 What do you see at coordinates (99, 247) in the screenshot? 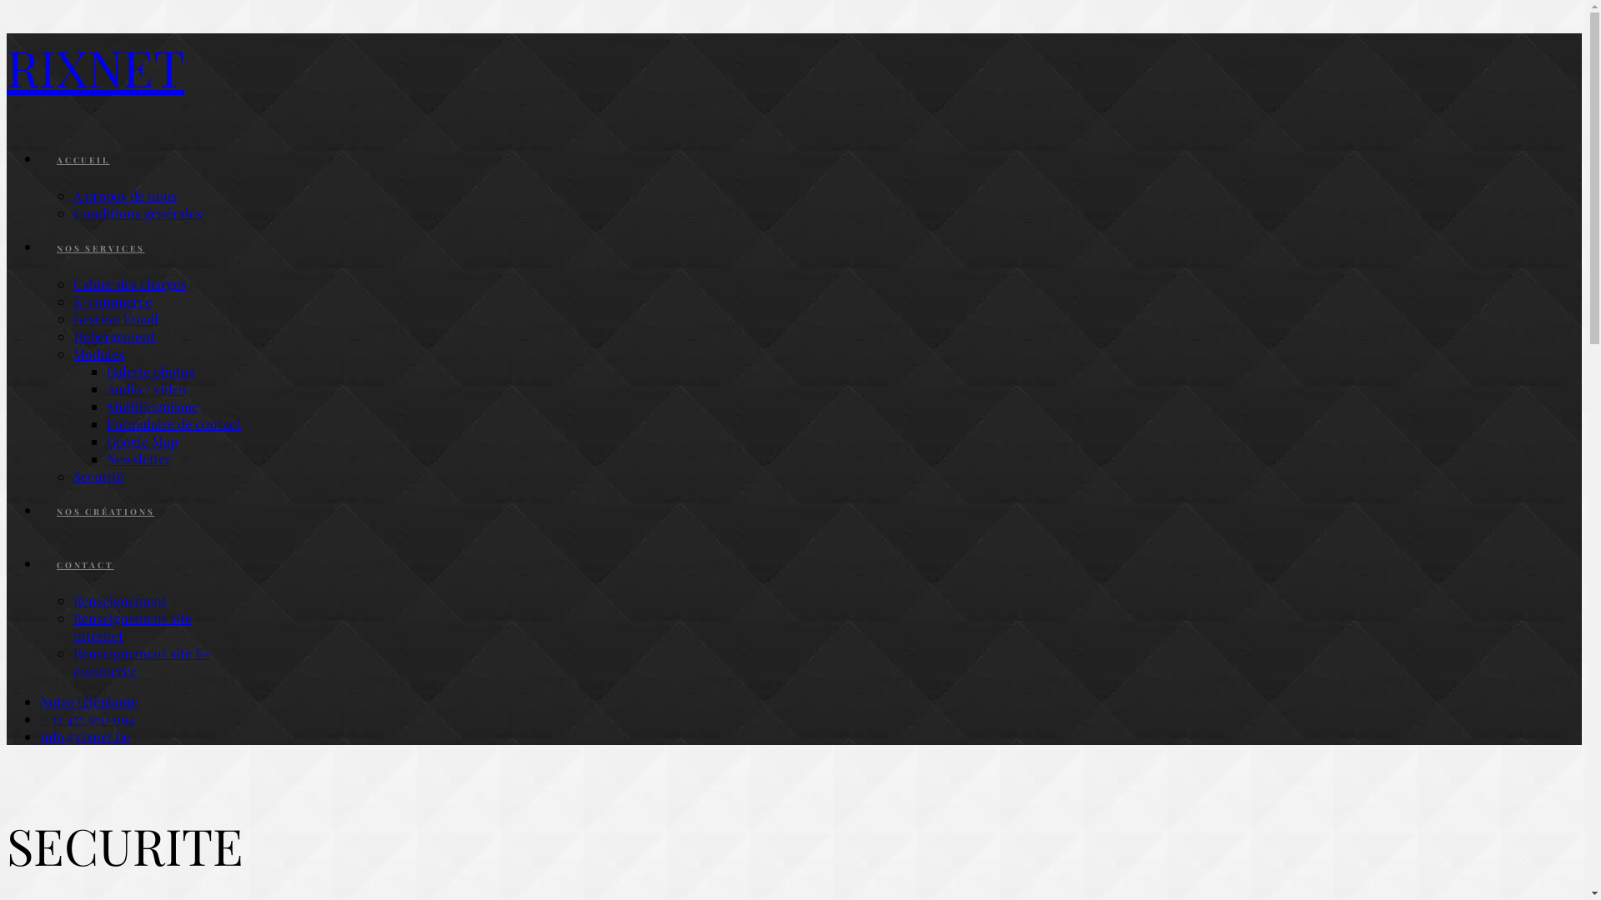
I see `'NOS SERVICES'` at bounding box center [99, 247].